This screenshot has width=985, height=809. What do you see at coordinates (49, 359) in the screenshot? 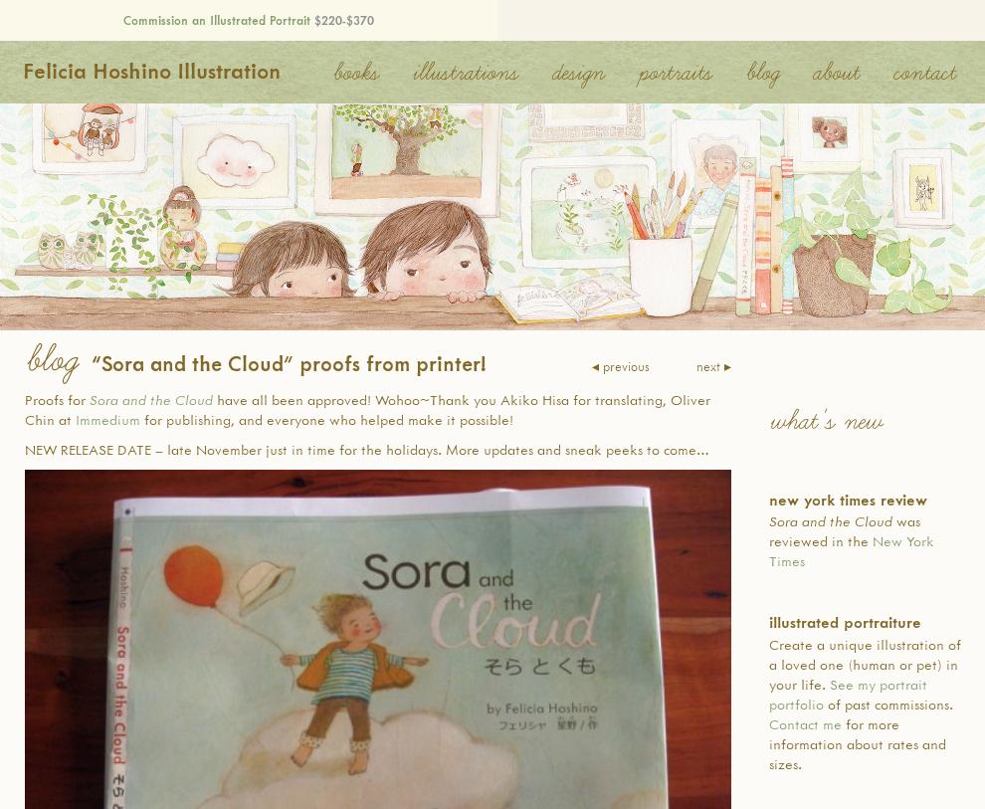
I see `'Blog'` at bounding box center [49, 359].